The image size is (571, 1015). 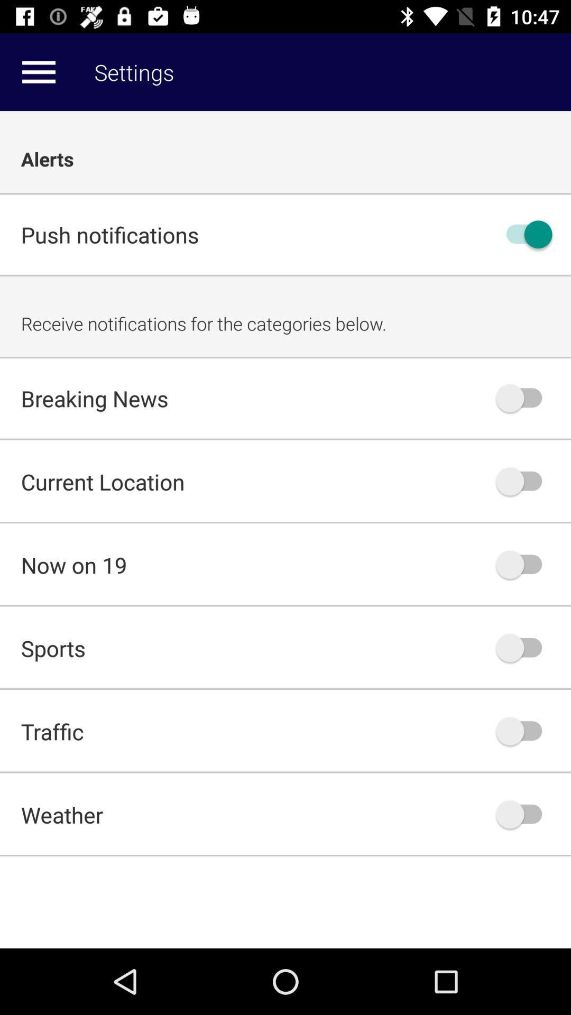 I want to click on off, so click(x=524, y=647).